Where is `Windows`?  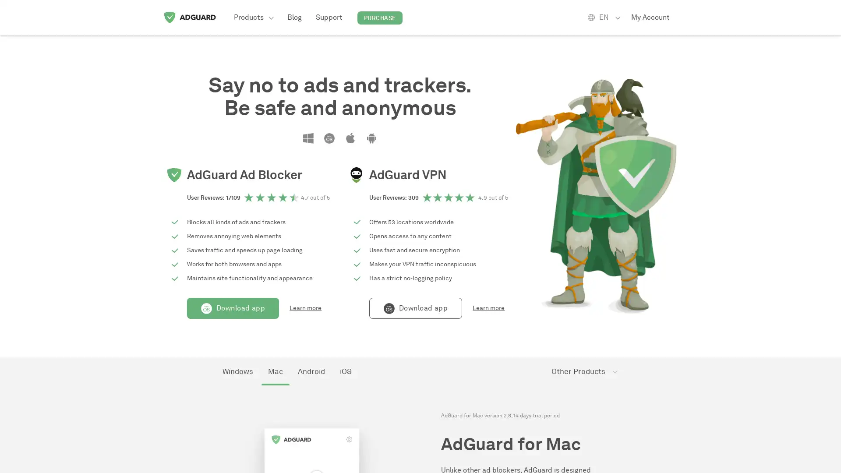
Windows is located at coordinates (237, 371).